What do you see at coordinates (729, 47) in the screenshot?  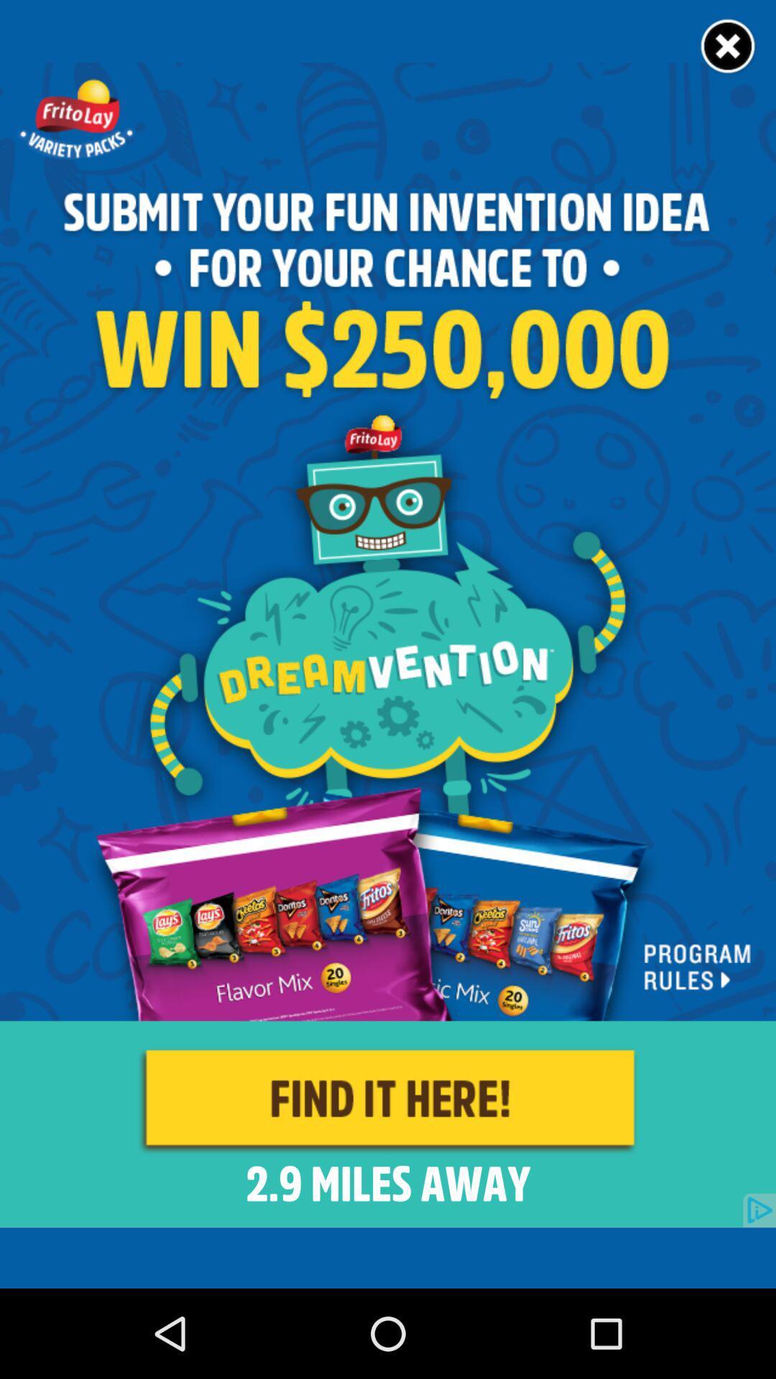 I see `page` at bounding box center [729, 47].